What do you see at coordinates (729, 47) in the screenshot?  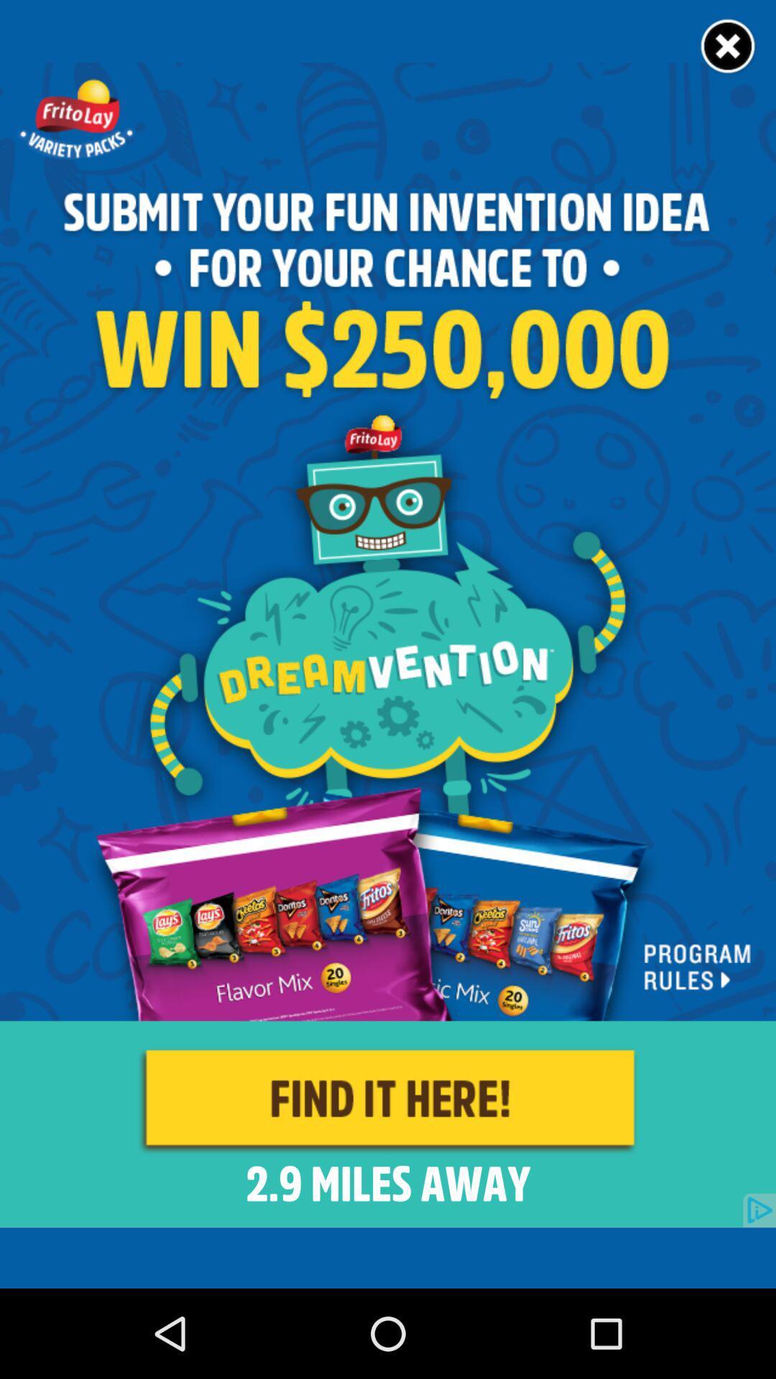 I see `page` at bounding box center [729, 47].